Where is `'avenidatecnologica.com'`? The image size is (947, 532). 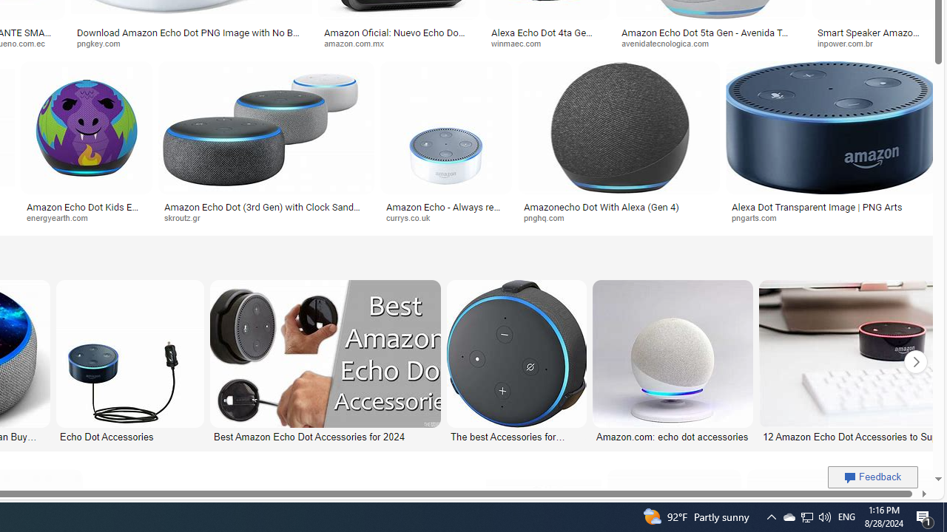 'avenidatecnologica.com' is located at coordinates (710, 43).